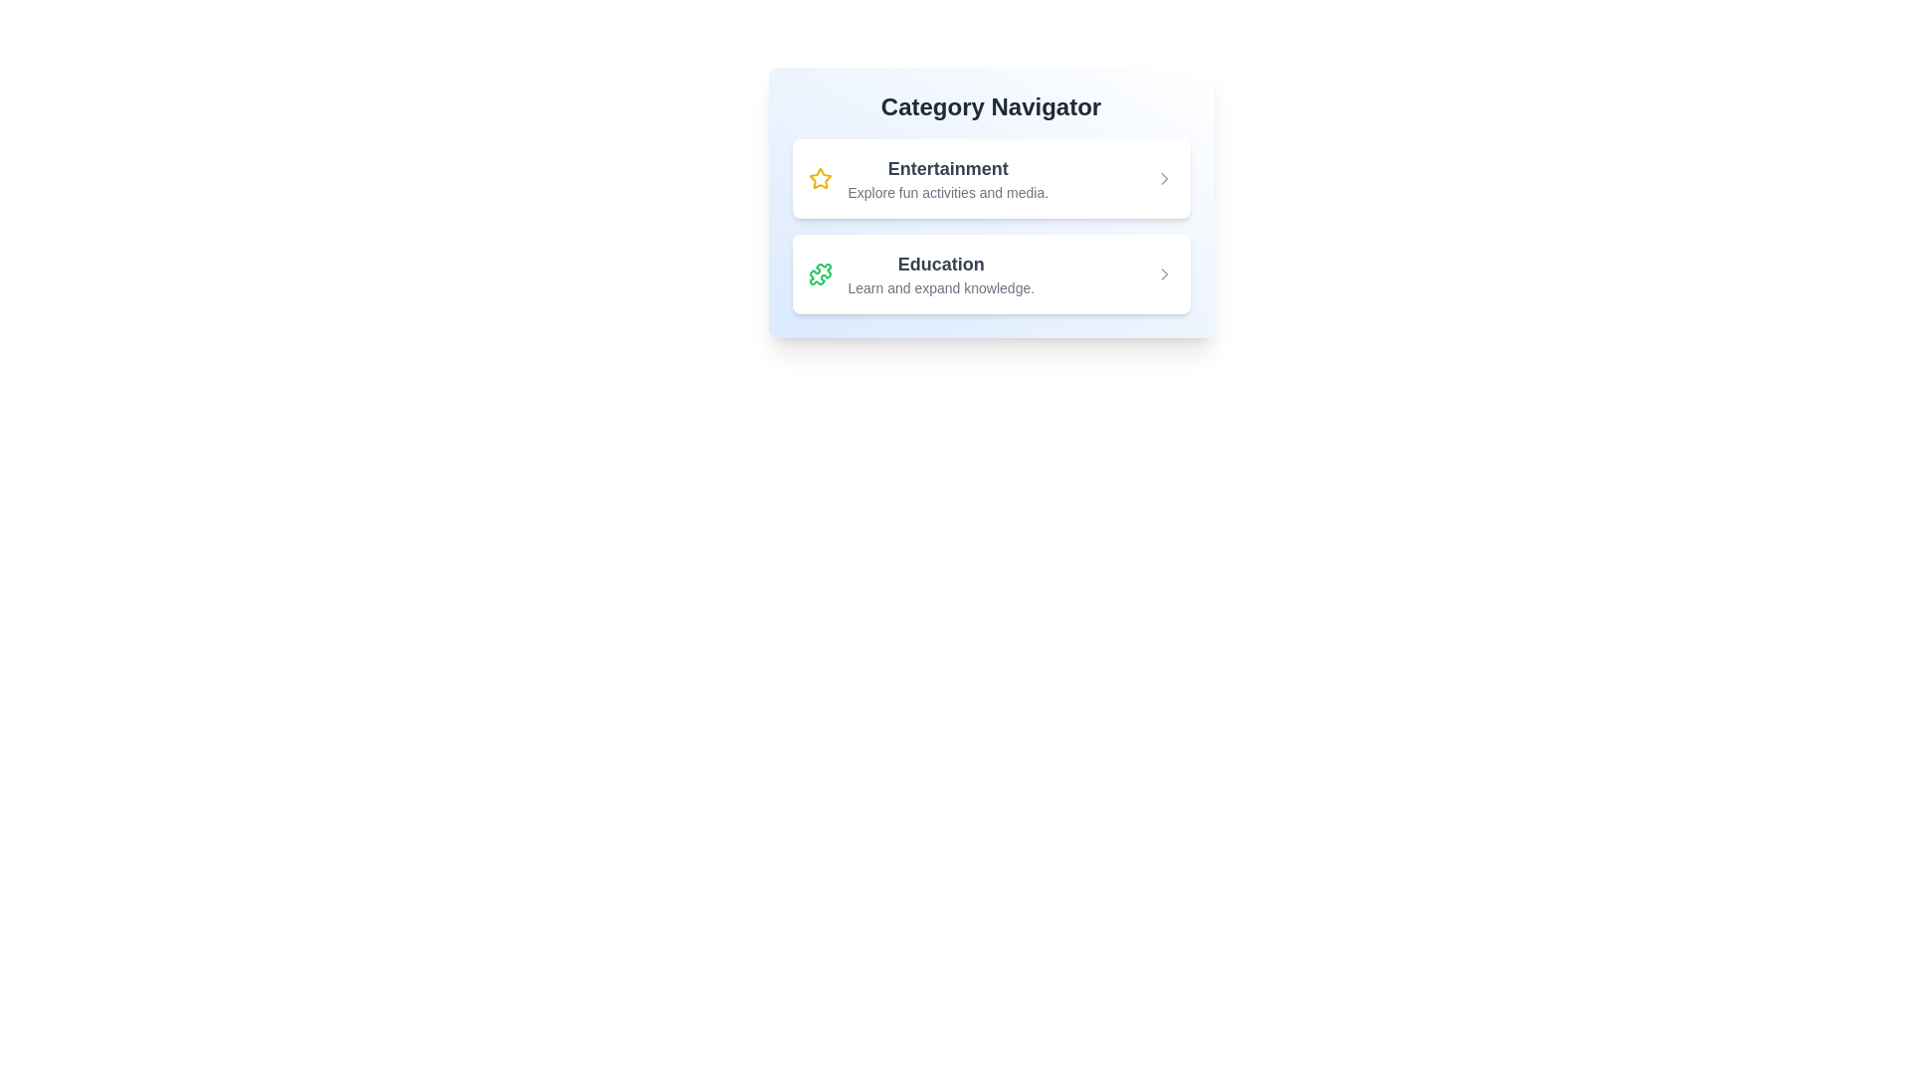 The image size is (1910, 1074). I want to click on the 'Entertainment' navigation link, which is the first item in the list under the 'Category Navigator' heading, so click(927, 179).